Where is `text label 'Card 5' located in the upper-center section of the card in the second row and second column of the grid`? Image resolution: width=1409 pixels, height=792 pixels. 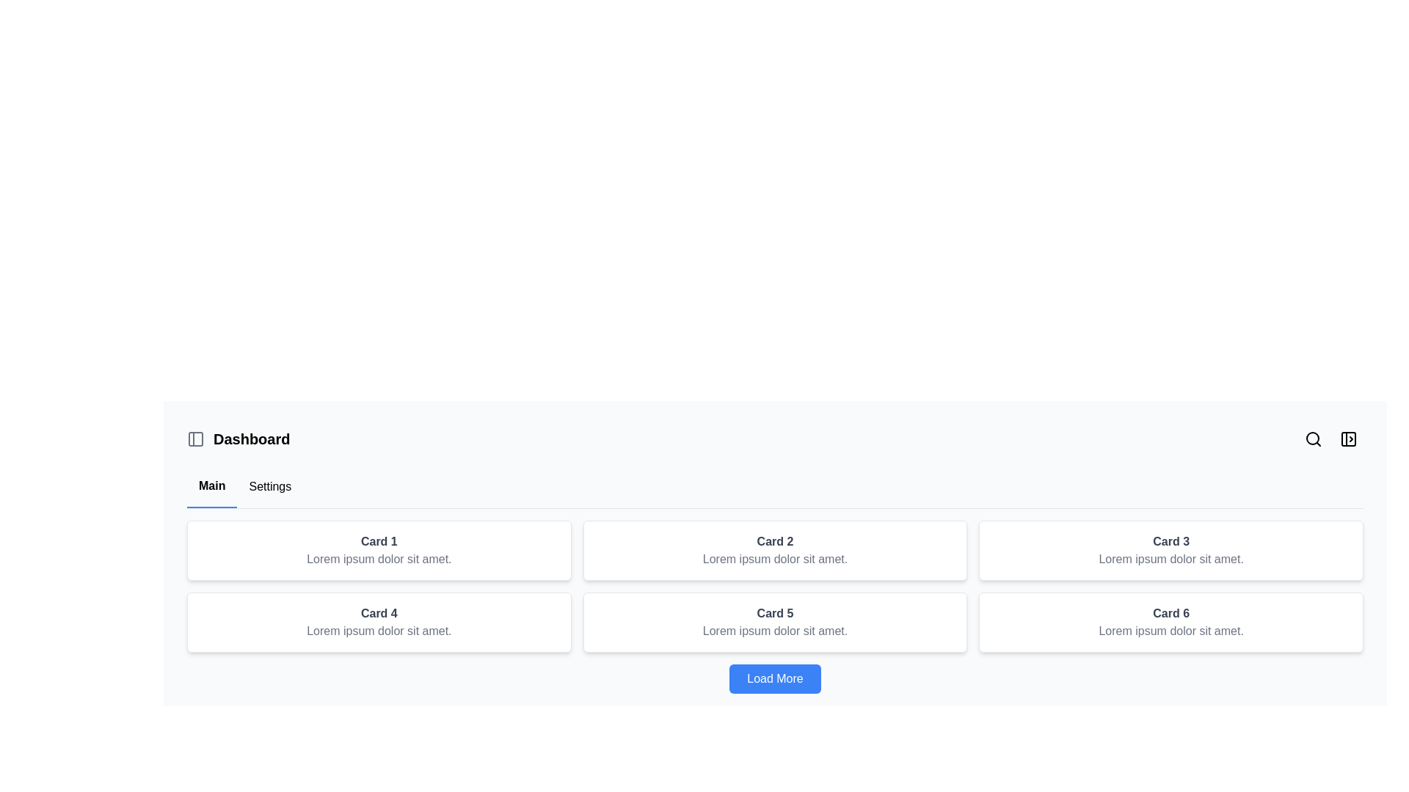
text label 'Card 5' located in the upper-center section of the card in the second row and second column of the grid is located at coordinates (774, 614).